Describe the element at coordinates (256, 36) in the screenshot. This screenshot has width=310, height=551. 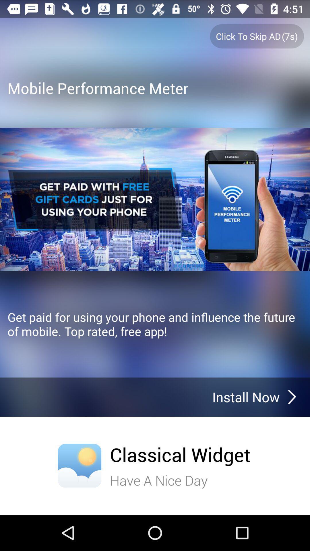
I see `the click to skip ad7s button` at that location.